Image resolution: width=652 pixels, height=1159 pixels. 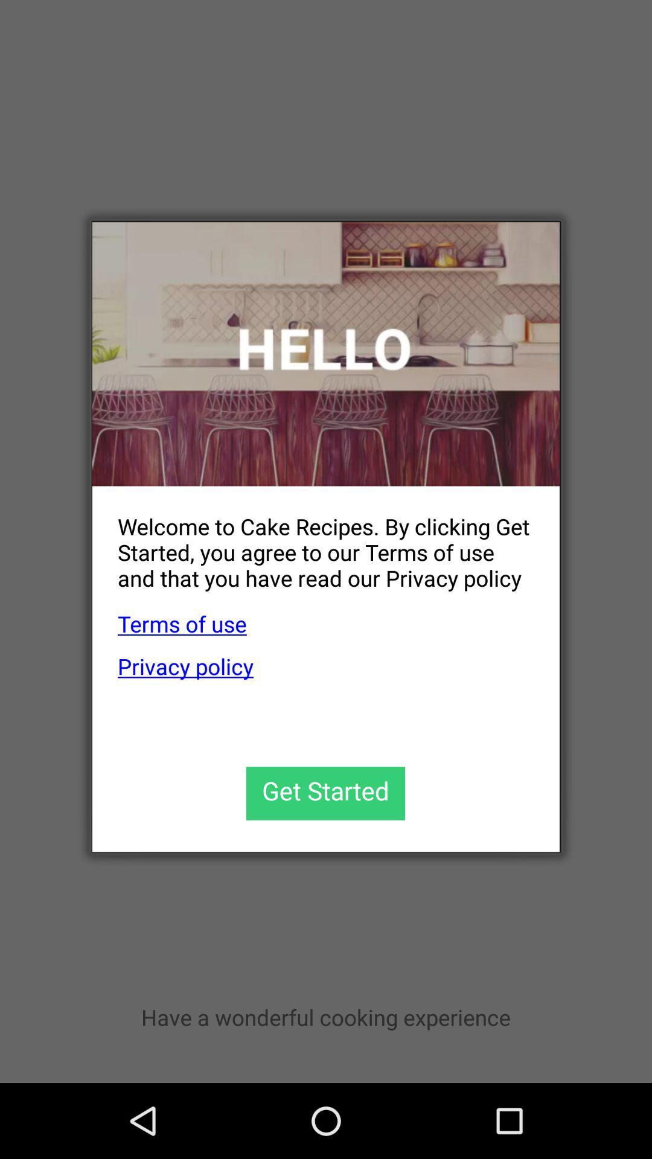 I want to click on welcome to cake icon, so click(x=313, y=542).